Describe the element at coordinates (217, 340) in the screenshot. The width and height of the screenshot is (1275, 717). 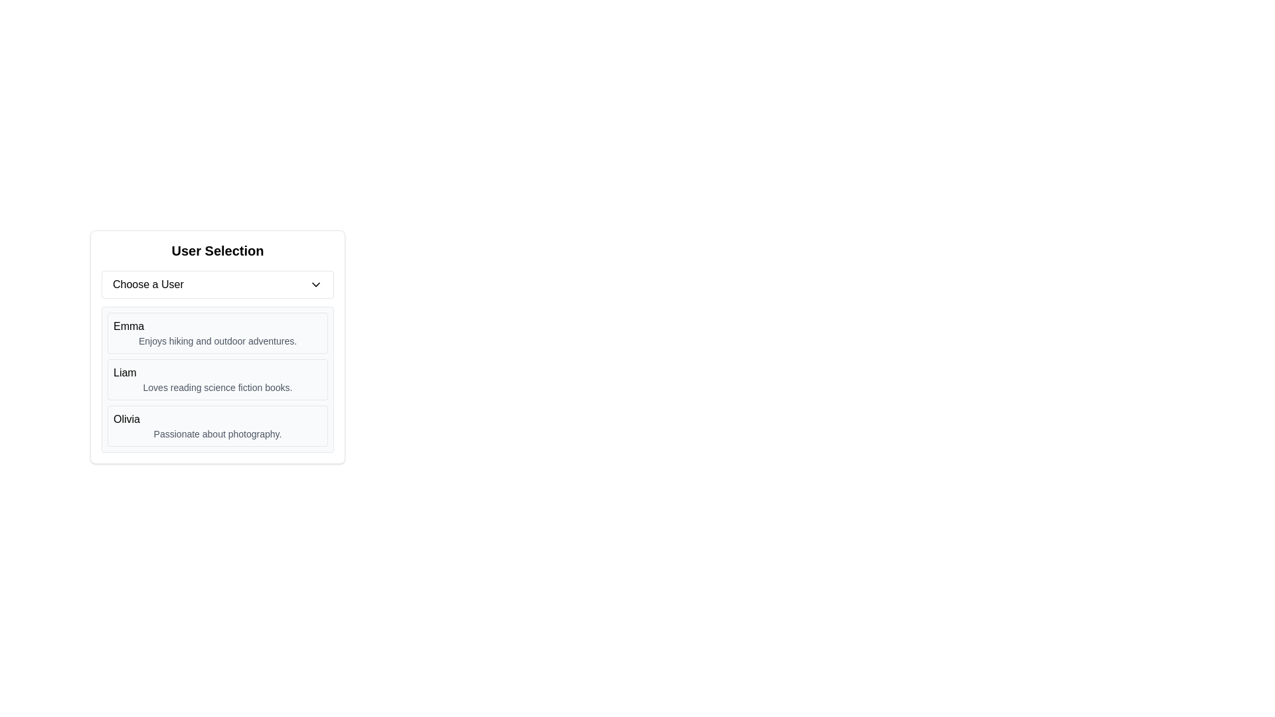
I see `the text label displaying 'Enjoys hiking and outdoor adventures.' located beneath Emma's name in the user description section` at that location.